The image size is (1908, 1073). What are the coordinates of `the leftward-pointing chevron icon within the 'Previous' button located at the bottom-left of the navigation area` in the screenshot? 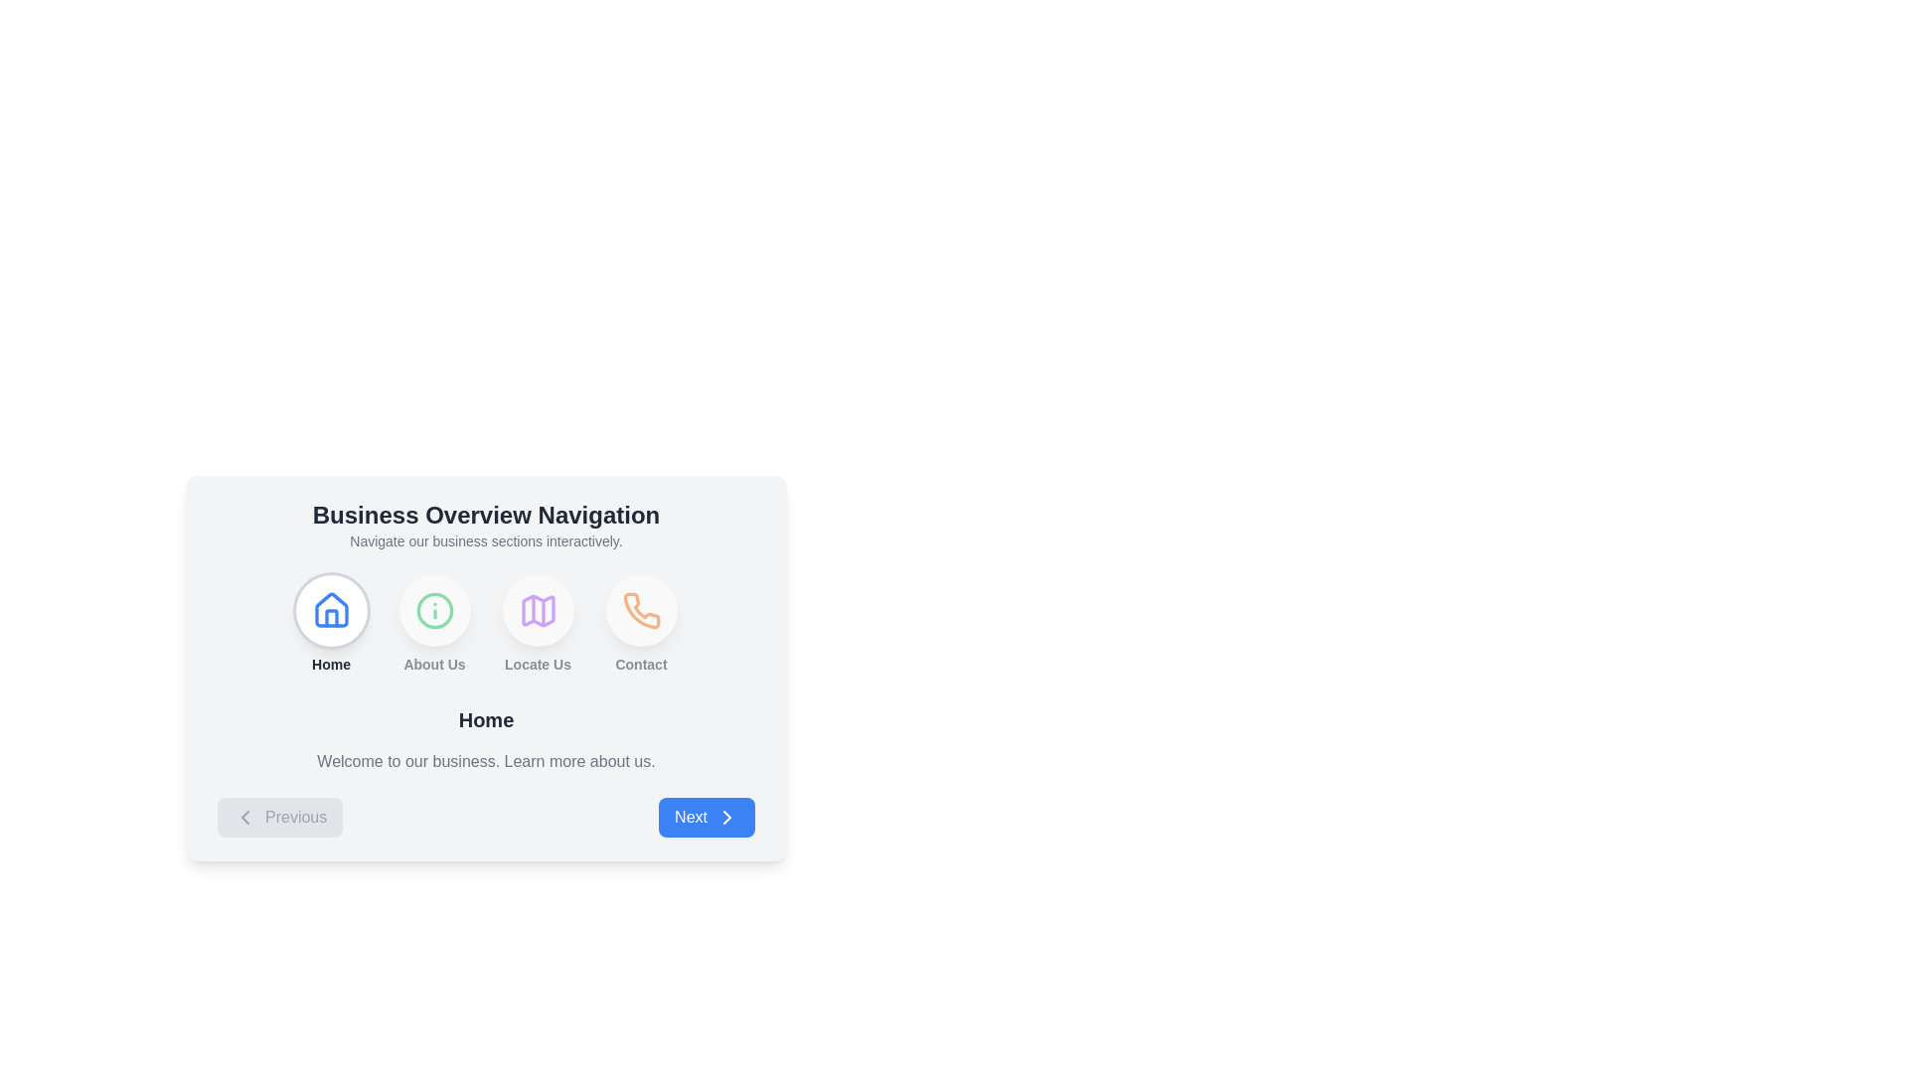 It's located at (243, 817).